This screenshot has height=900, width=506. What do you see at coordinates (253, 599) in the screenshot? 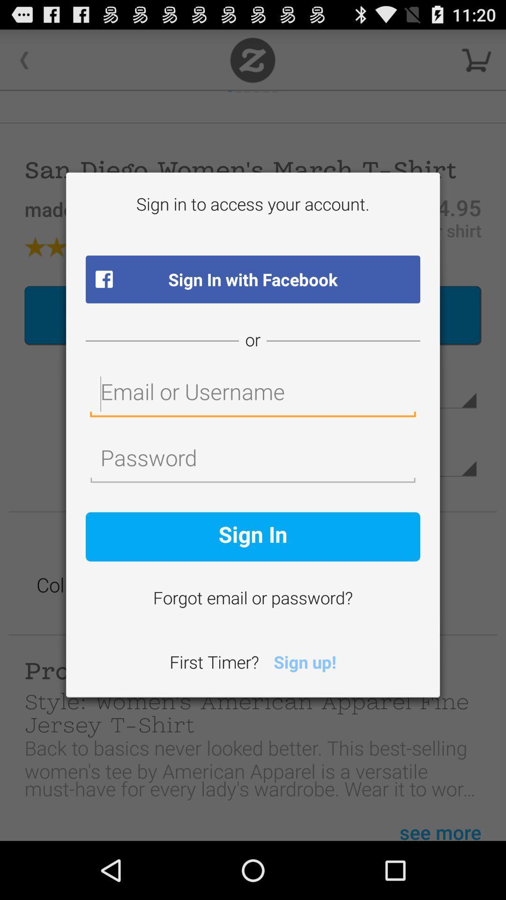
I see `forgot email or icon` at bounding box center [253, 599].